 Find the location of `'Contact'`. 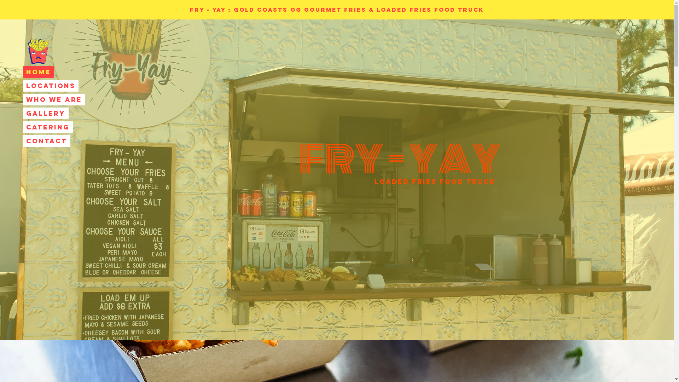

'Contact' is located at coordinates (46, 141).